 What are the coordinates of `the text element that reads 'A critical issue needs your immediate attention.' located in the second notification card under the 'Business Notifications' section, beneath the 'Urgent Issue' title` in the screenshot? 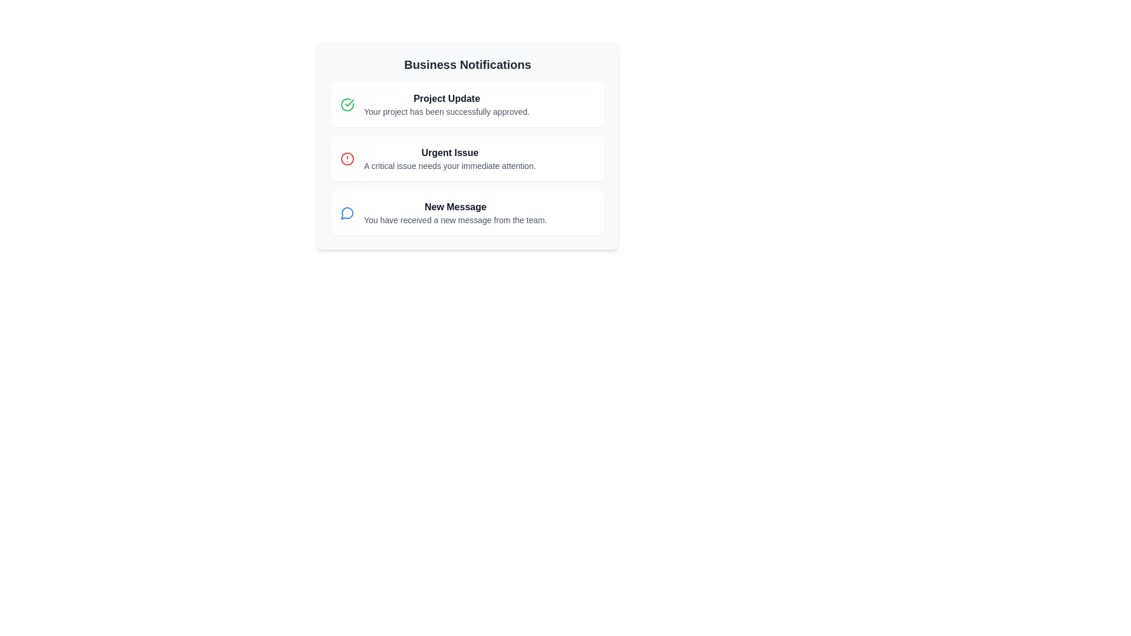 It's located at (449, 165).